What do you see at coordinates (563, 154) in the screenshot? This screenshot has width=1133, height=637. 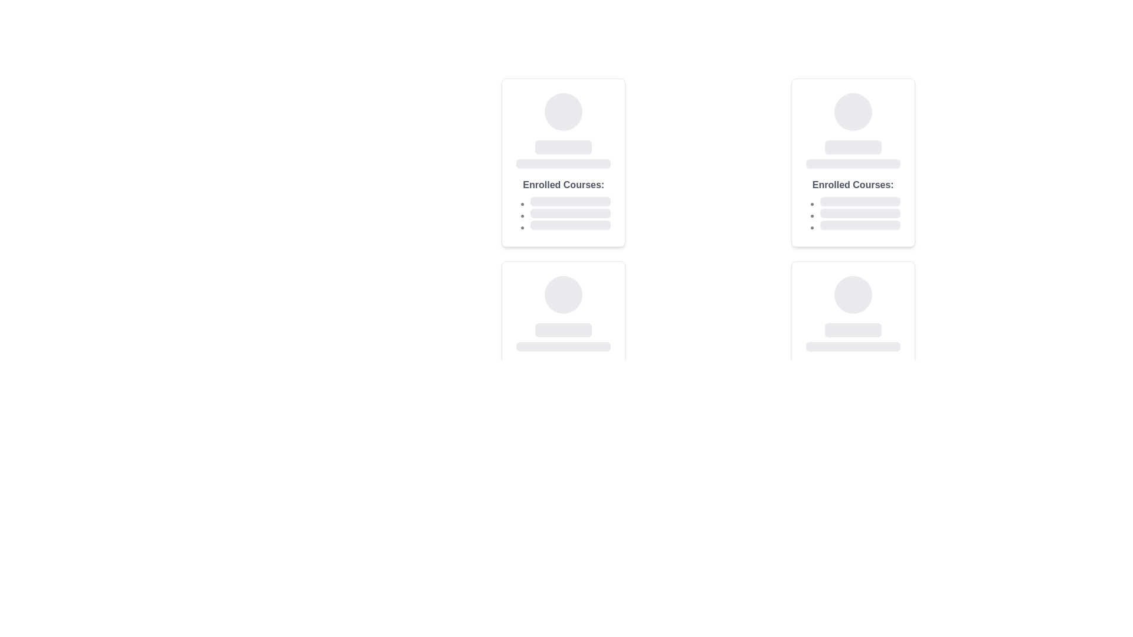 I see `the composite element made up of multiple placeholder bars, which consists of two horizontally centered gray placeholder blocks styled to resemble loading animations, located below the rounded gray profile placeholder and above the 'Enrolled Courses:' section` at bounding box center [563, 154].